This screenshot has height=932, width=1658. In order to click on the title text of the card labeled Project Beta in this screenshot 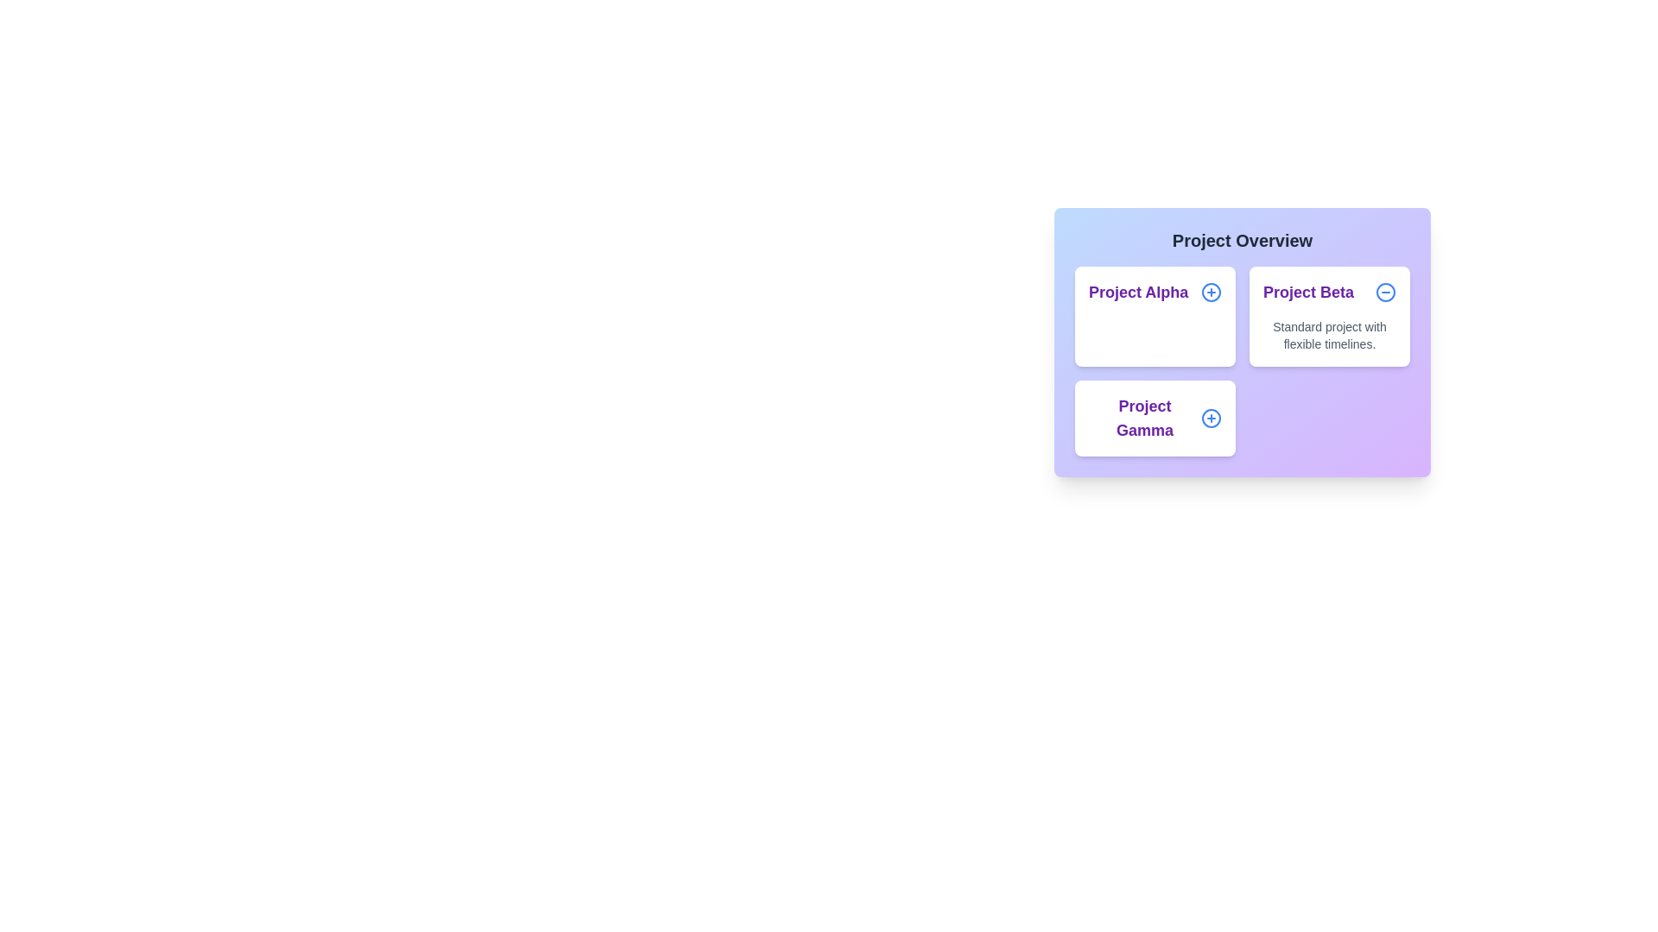, I will do `click(1329, 292)`.